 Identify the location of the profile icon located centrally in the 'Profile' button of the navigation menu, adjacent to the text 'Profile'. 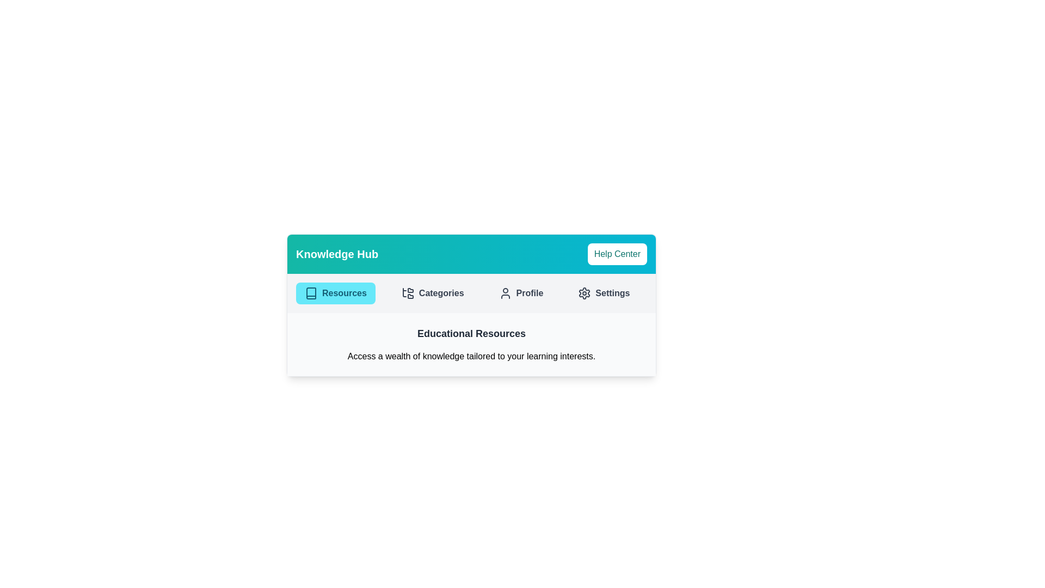
(505, 293).